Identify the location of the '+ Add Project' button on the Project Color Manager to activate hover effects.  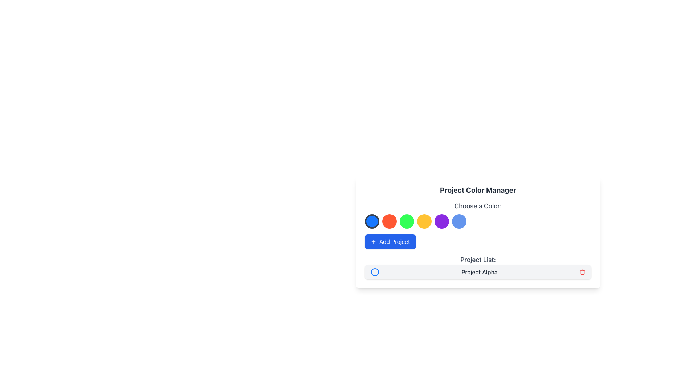
(478, 242).